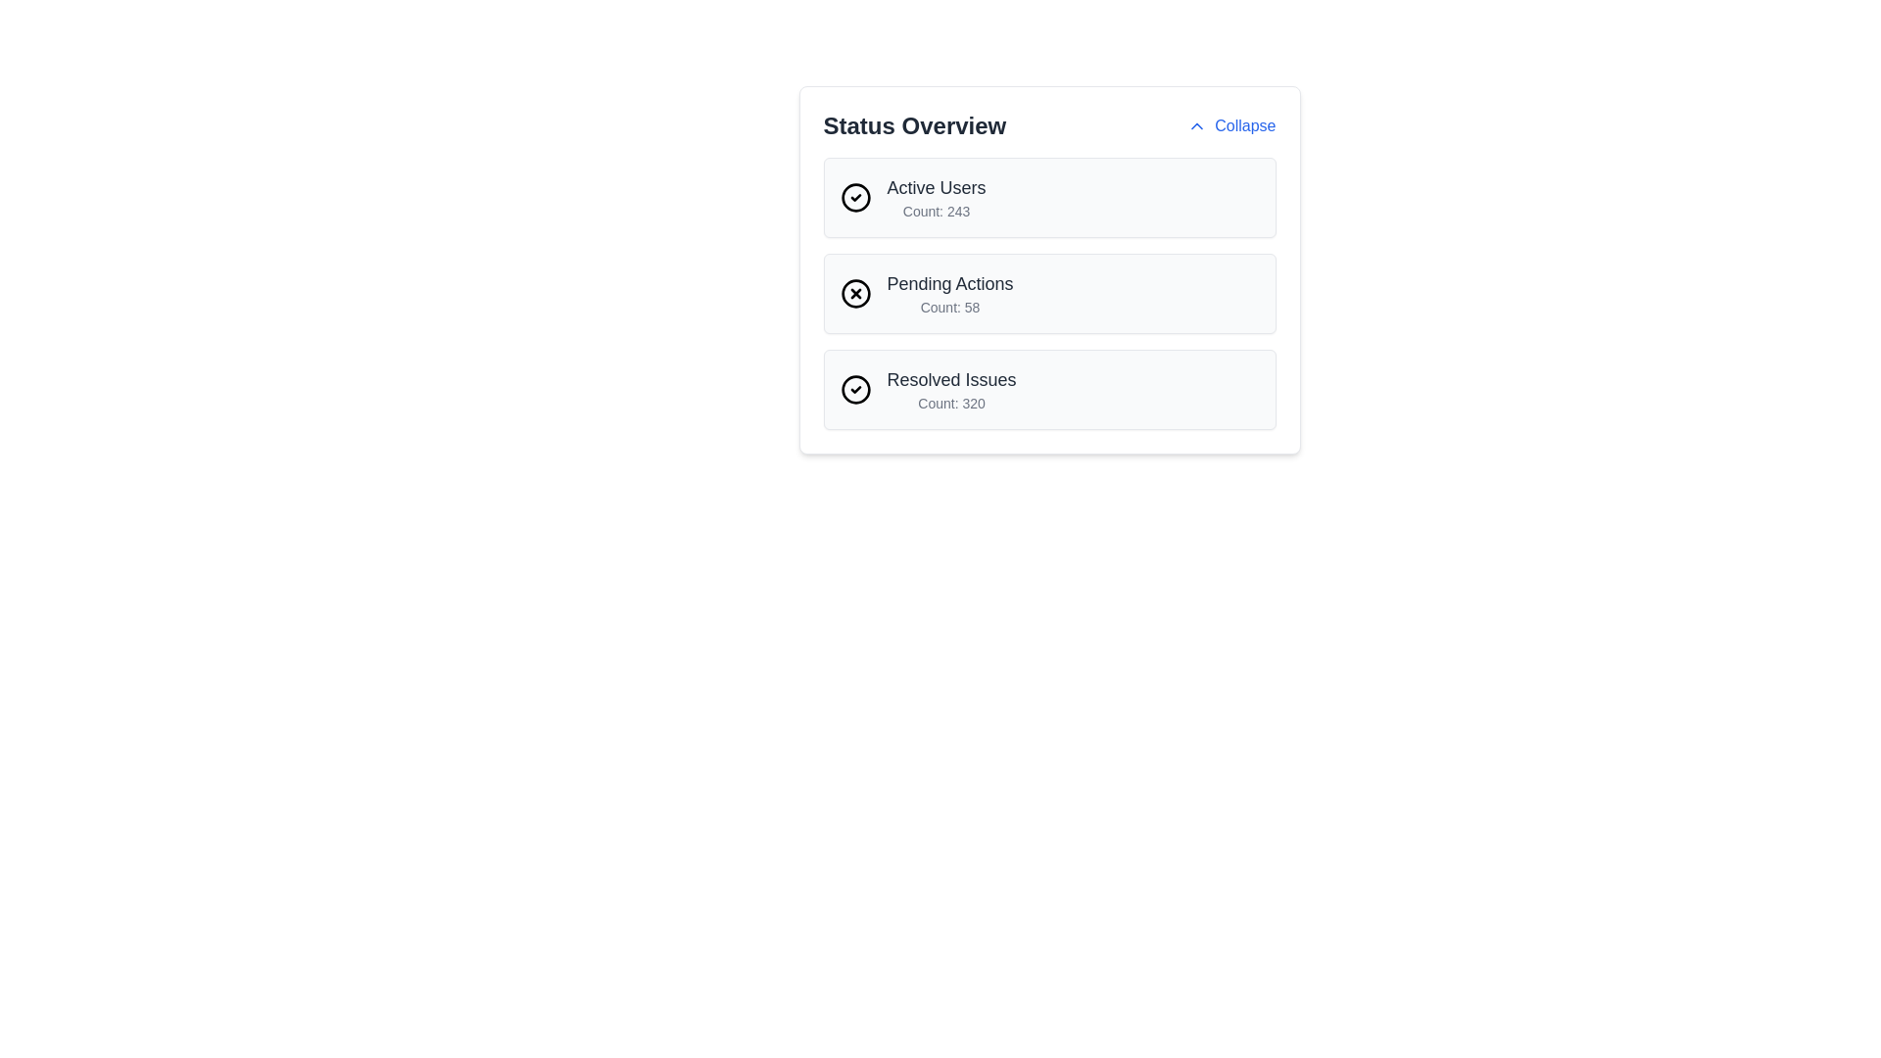  Describe the element at coordinates (1230, 125) in the screenshot. I see `the toggle button for collapsing or expanding the 'Status Overview' section` at that location.